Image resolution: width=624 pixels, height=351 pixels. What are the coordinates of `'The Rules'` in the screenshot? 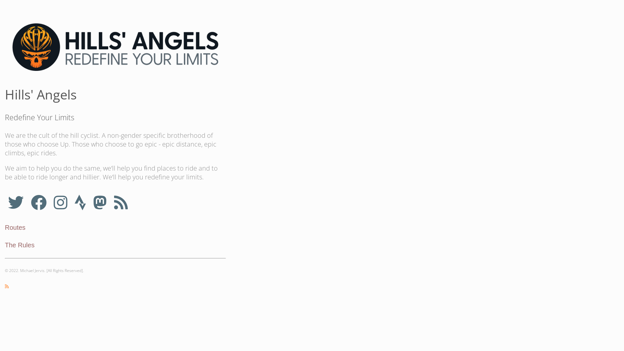 It's located at (19, 245).